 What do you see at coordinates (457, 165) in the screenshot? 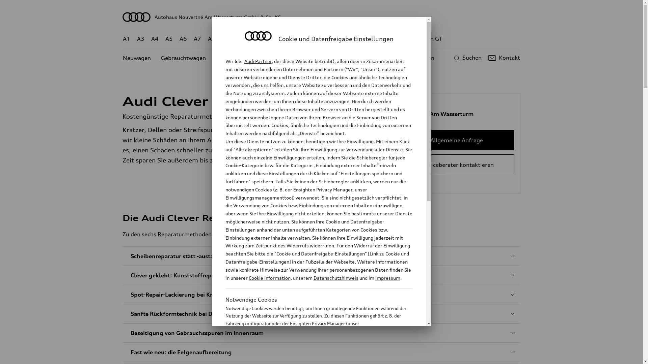
I see `'Serviceberater kontaktieren'` at bounding box center [457, 165].